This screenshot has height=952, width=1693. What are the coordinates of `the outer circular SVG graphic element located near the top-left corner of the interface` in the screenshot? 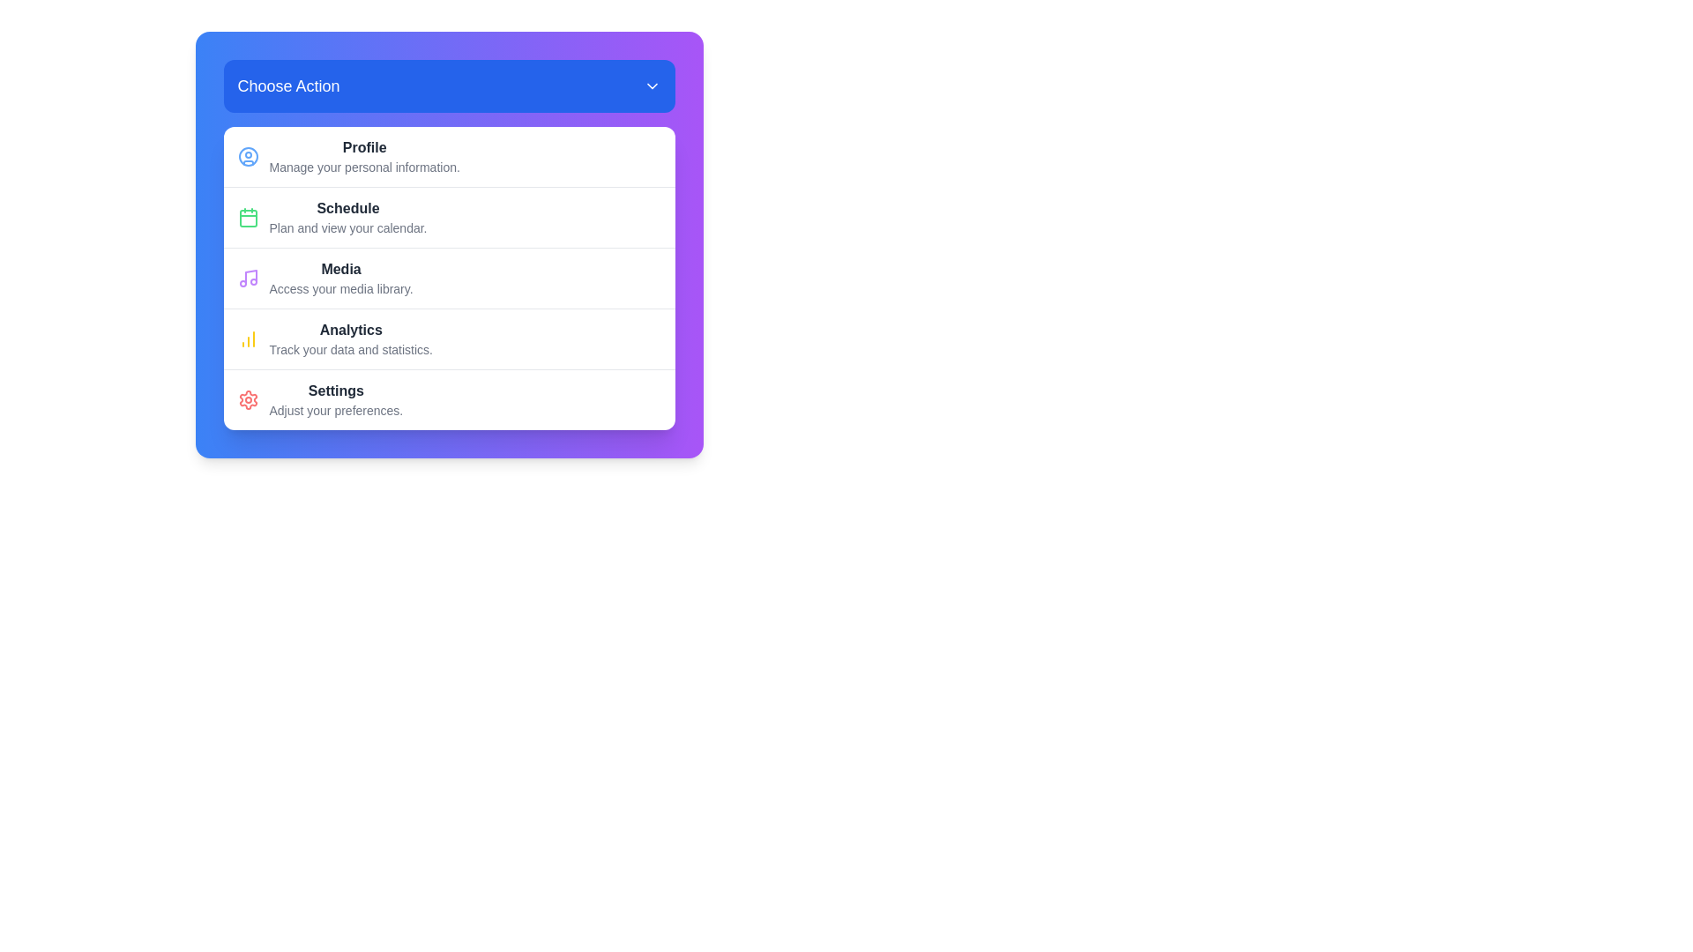 It's located at (247, 155).